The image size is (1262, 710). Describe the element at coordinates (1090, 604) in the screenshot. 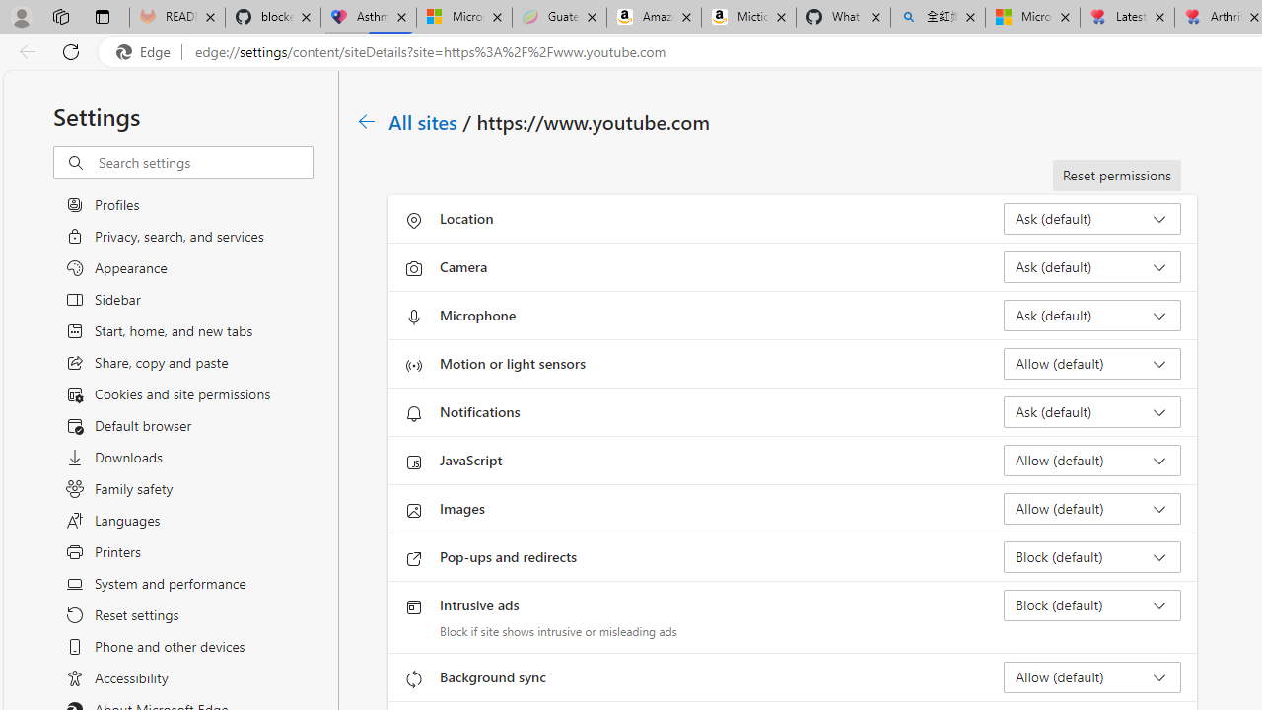

I see `'Intrusive ads Block (default)'` at that location.